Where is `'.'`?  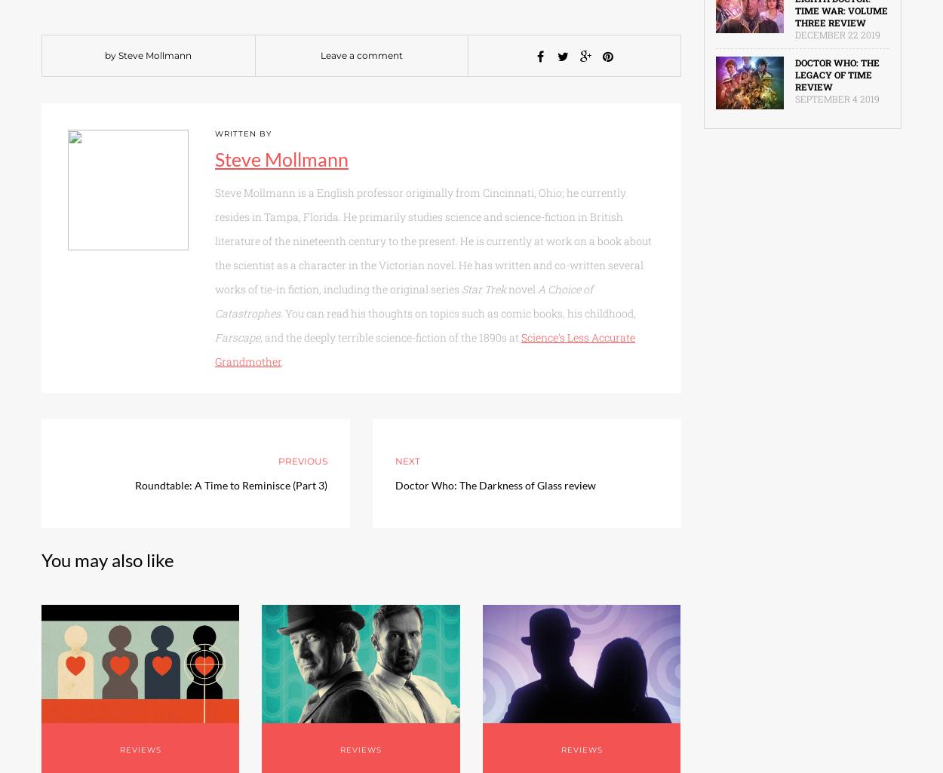 '.' is located at coordinates (281, 361).